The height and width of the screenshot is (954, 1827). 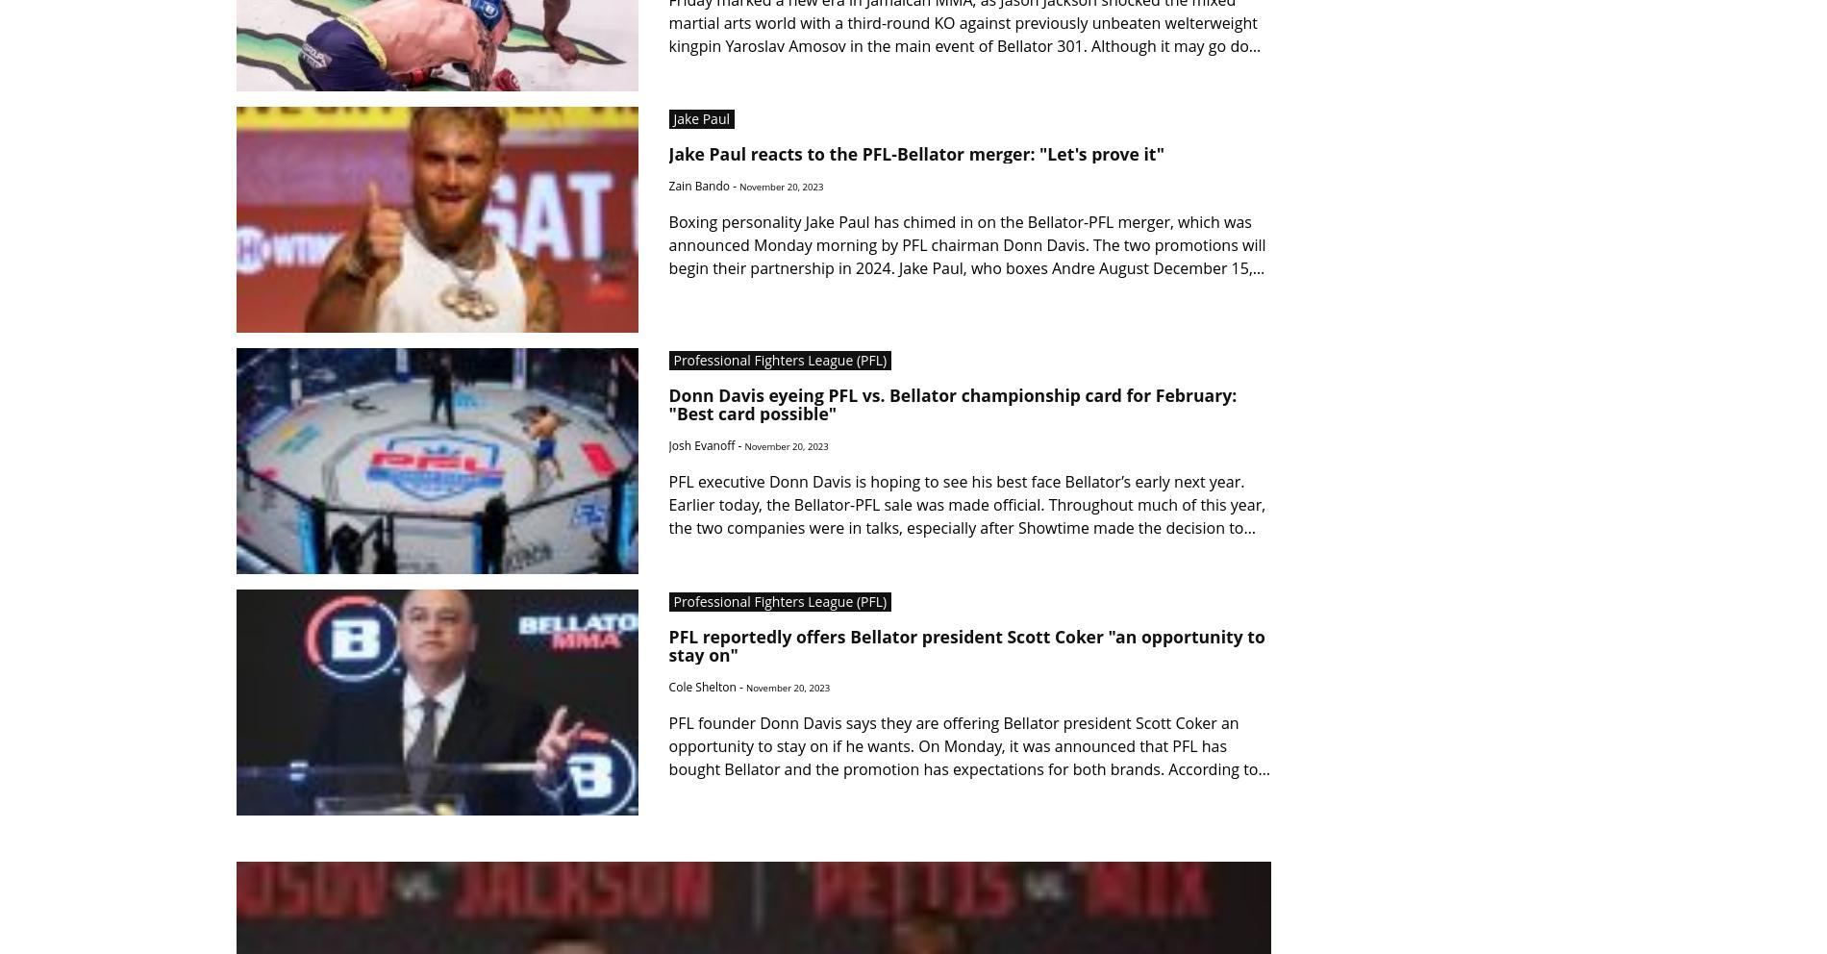 I want to click on 'Jake Paul reacts to the PFL-Bellator merger: "Let's prove it"', so click(x=916, y=154).